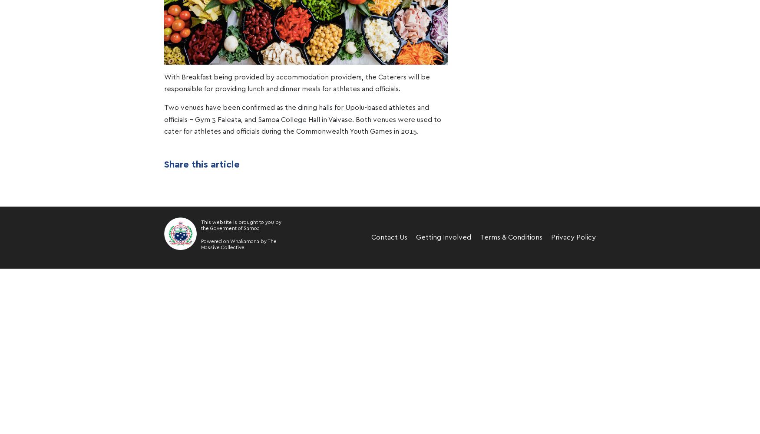  Describe the element at coordinates (238, 244) in the screenshot. I see `'The Massive Collective'` at that location.